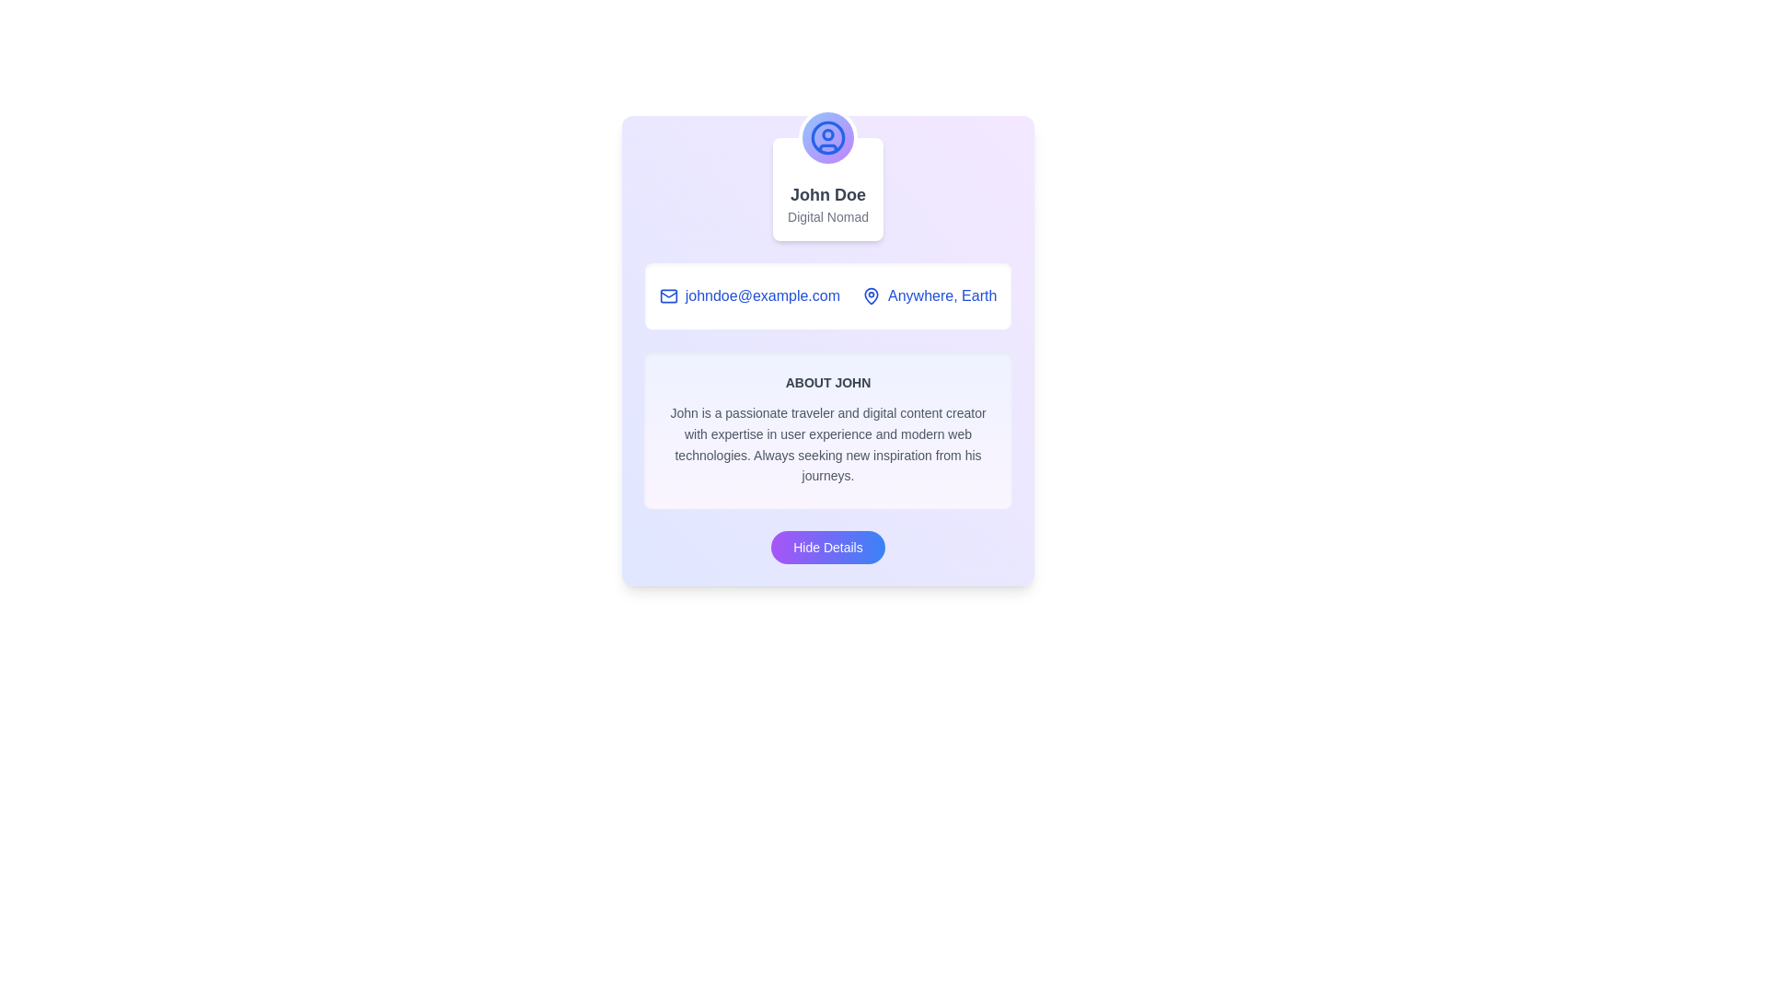  Describe the element at coordinates (827, 189) in the screenshot. I see `the text display component that contains the name 'John Doe' and the subtitle 'Digital Nomad'` at that location.